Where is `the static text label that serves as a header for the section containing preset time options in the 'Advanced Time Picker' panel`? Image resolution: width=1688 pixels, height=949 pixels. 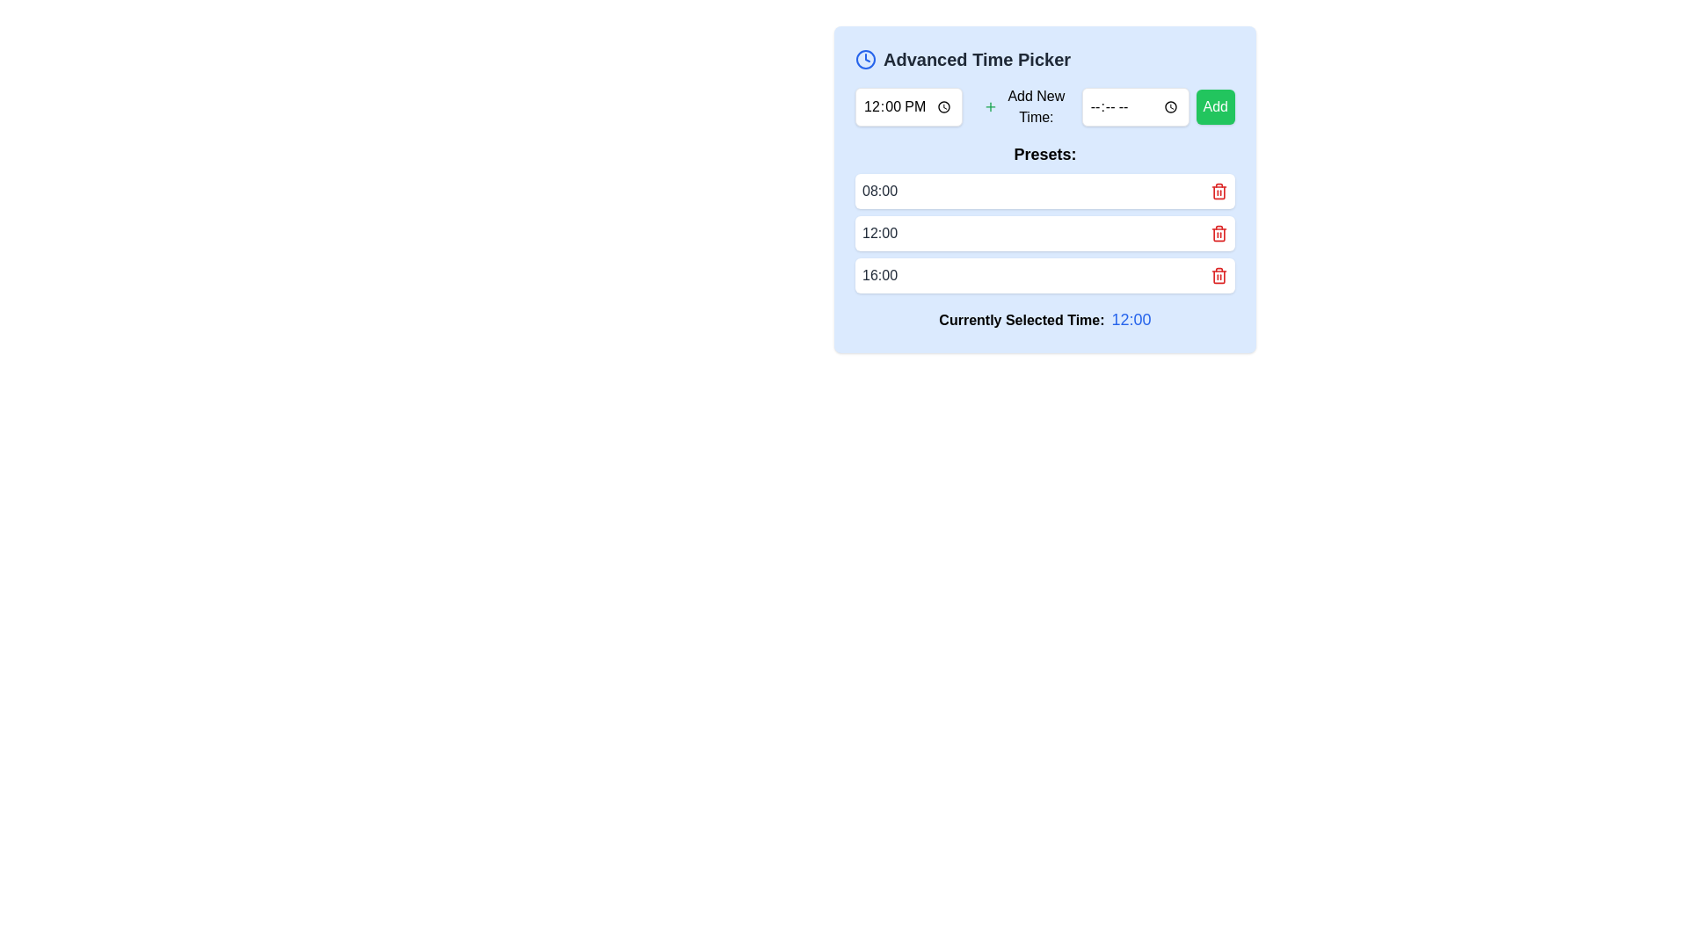 the static text label that serves as a header for the section containing preset time options in the 'Advanced Time Picker' panel is located at coordinates (1045, 154).